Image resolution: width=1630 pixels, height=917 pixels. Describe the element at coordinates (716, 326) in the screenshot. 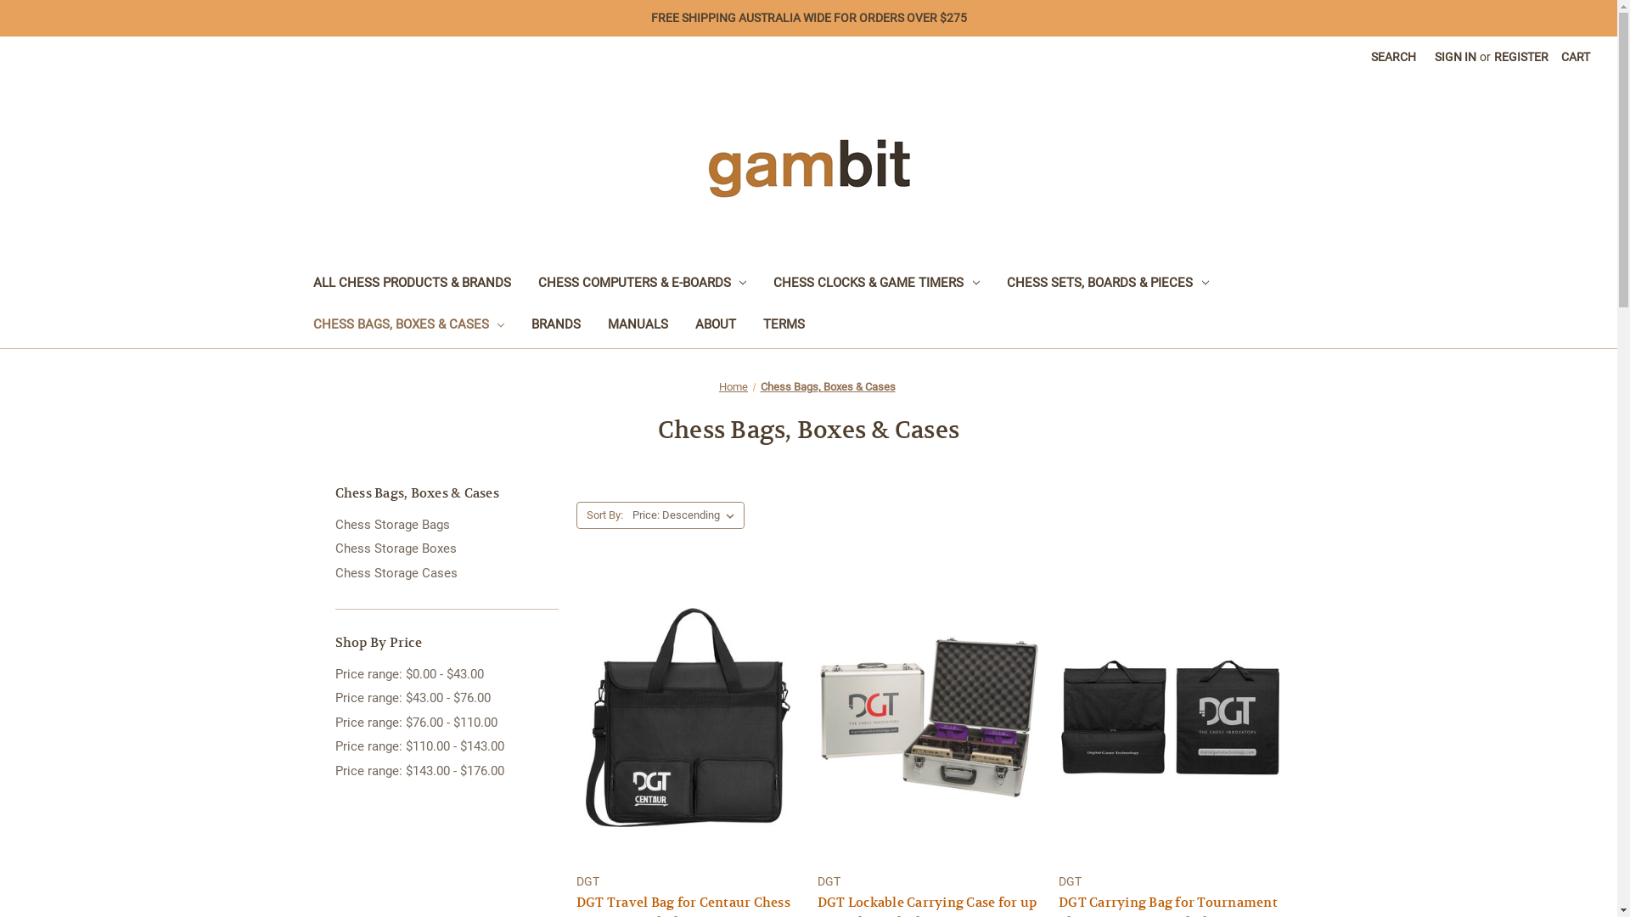

I see `'ABOUT'` at that location.